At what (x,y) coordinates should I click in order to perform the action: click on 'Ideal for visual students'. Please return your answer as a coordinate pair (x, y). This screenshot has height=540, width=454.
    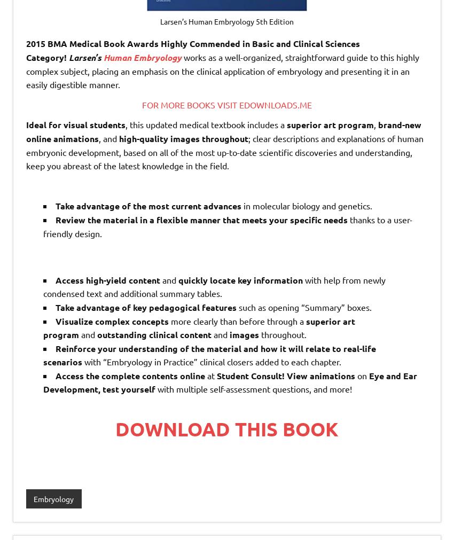
    Looking at the image, I should click on (76, 124).